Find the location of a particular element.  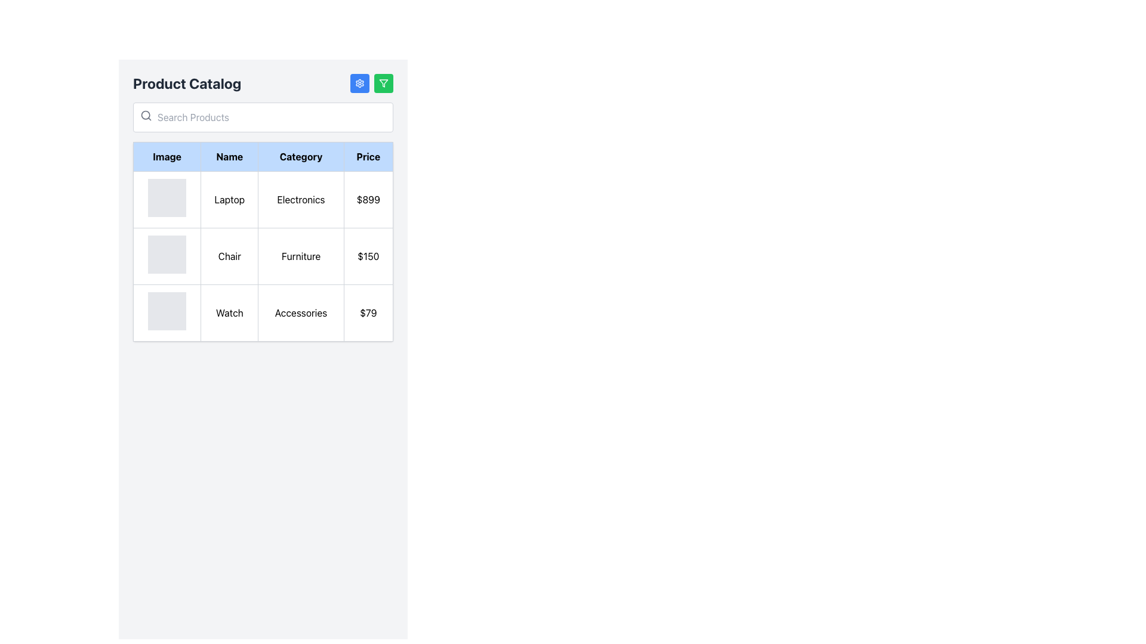

the filtering icon located inside the green button at the top-right corner of the interface is located at coordinates (384, 82).